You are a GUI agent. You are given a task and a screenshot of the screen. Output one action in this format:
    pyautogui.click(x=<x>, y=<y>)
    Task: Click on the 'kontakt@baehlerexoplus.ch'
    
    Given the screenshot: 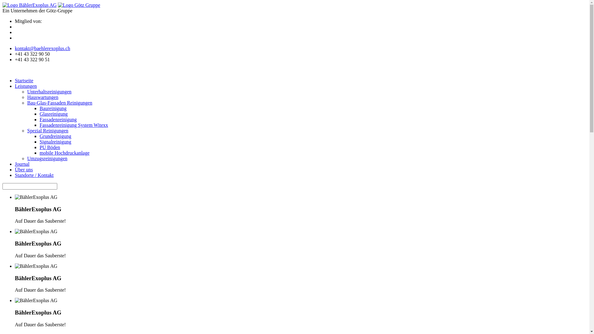 What is the action you would take?
    pyautogui.click(x=42, y=48)
    